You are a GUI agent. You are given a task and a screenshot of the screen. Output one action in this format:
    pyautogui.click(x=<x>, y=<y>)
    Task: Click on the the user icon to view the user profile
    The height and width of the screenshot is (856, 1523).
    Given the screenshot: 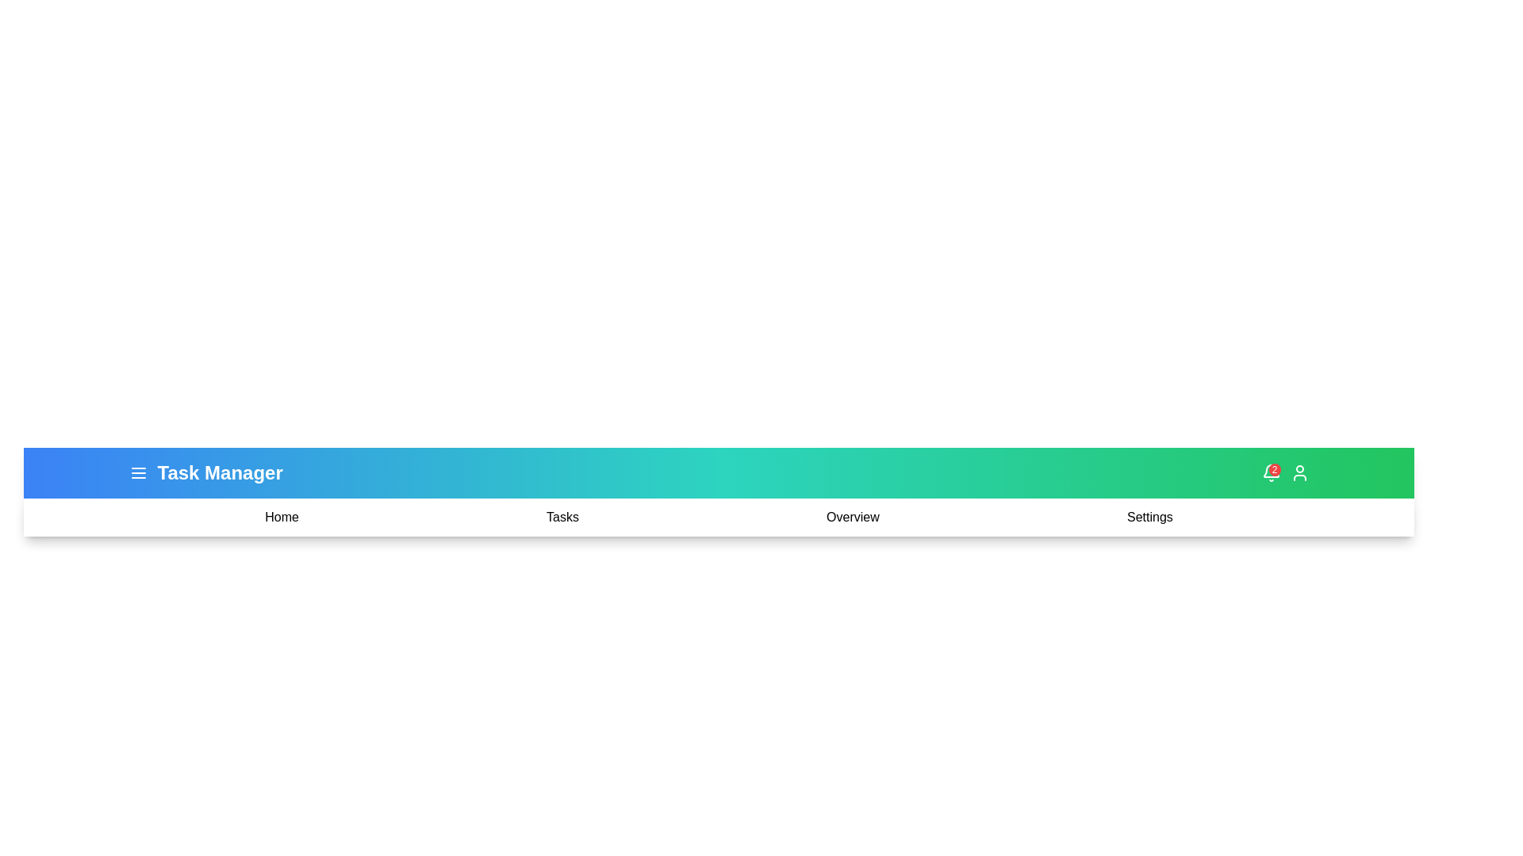 What is the action you would take?
    pyautogui.click(x=1299, y=472)
    